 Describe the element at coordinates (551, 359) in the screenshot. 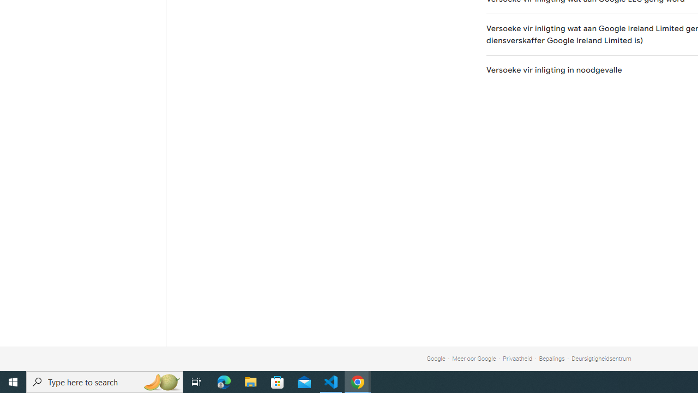

I see `'Bepalings'` at that location.